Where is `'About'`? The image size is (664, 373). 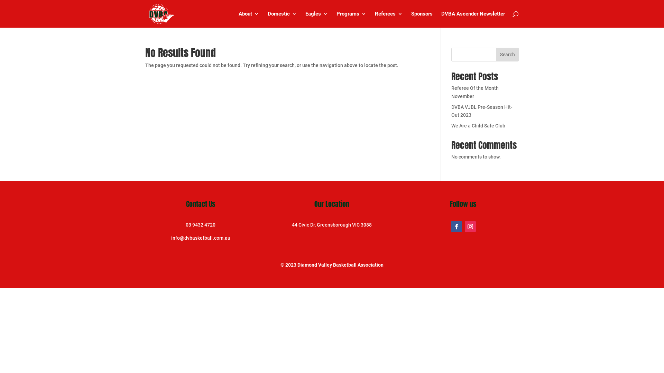
'About' is located at coordinates (239, 19).